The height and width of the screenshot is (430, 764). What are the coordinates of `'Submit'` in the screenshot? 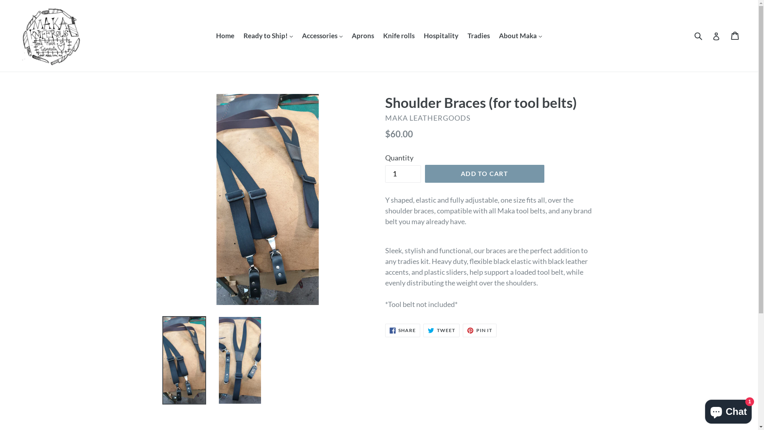 It's located at (697, 35).